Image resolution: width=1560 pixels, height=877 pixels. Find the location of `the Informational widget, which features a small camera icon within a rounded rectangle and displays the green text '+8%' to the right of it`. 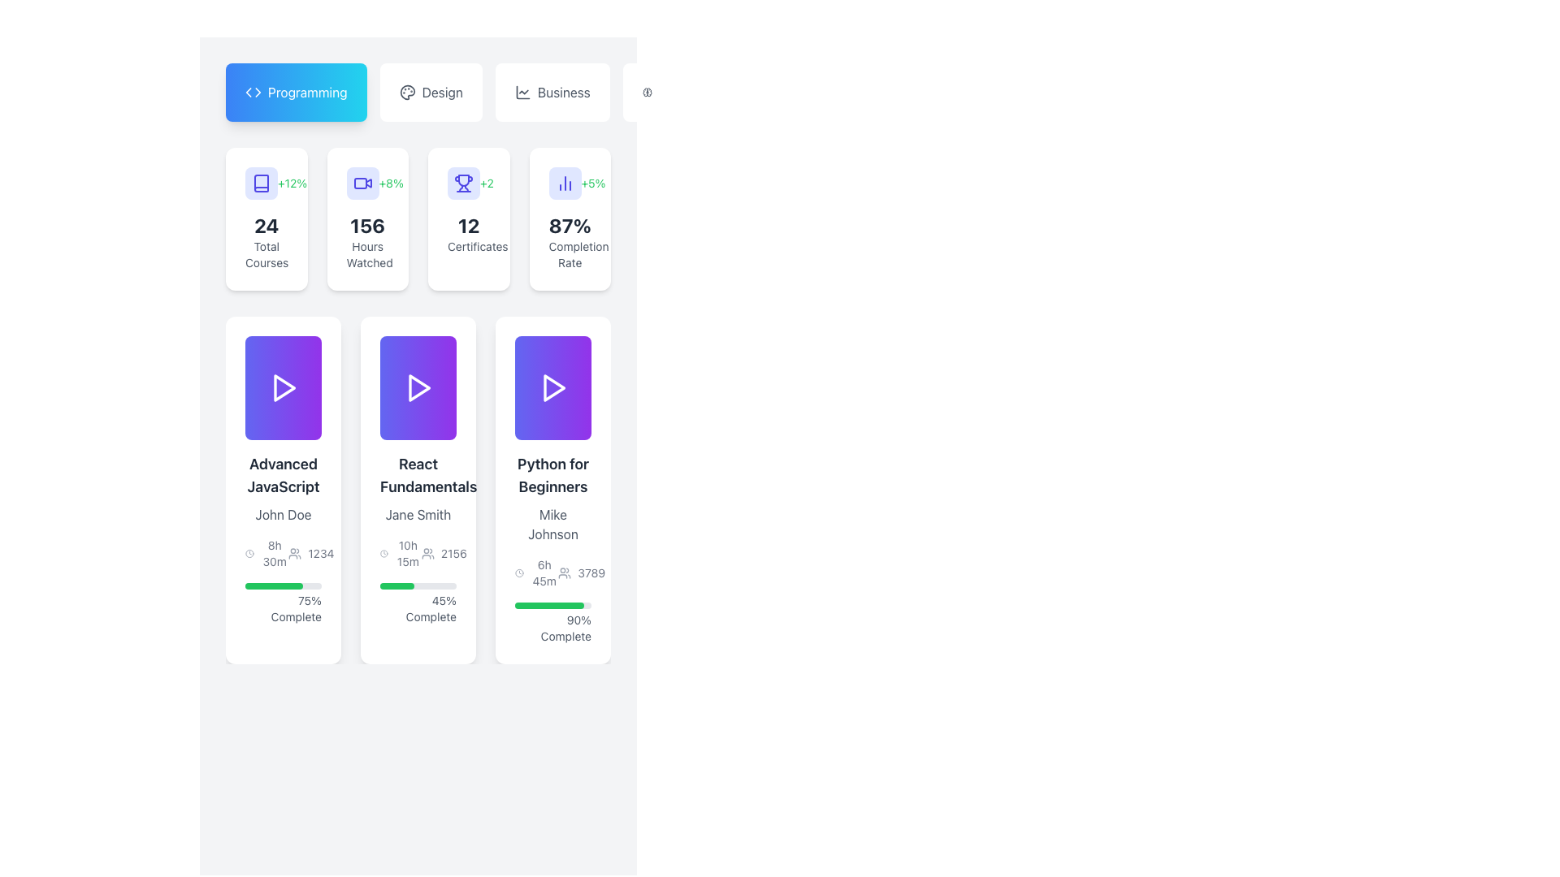

the Informational widget, which features a small camera icon within a rounded rectangle and displays the green text '+8%' to the right of it is located at coordinates (366, 183).